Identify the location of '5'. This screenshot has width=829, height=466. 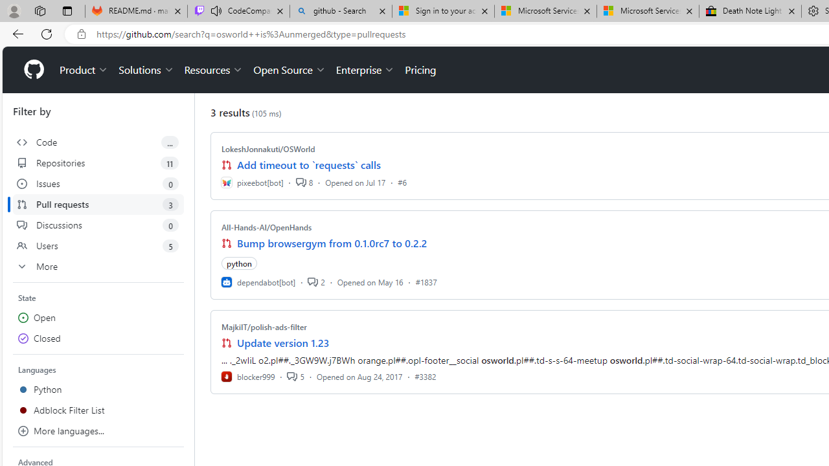
(295, 376).